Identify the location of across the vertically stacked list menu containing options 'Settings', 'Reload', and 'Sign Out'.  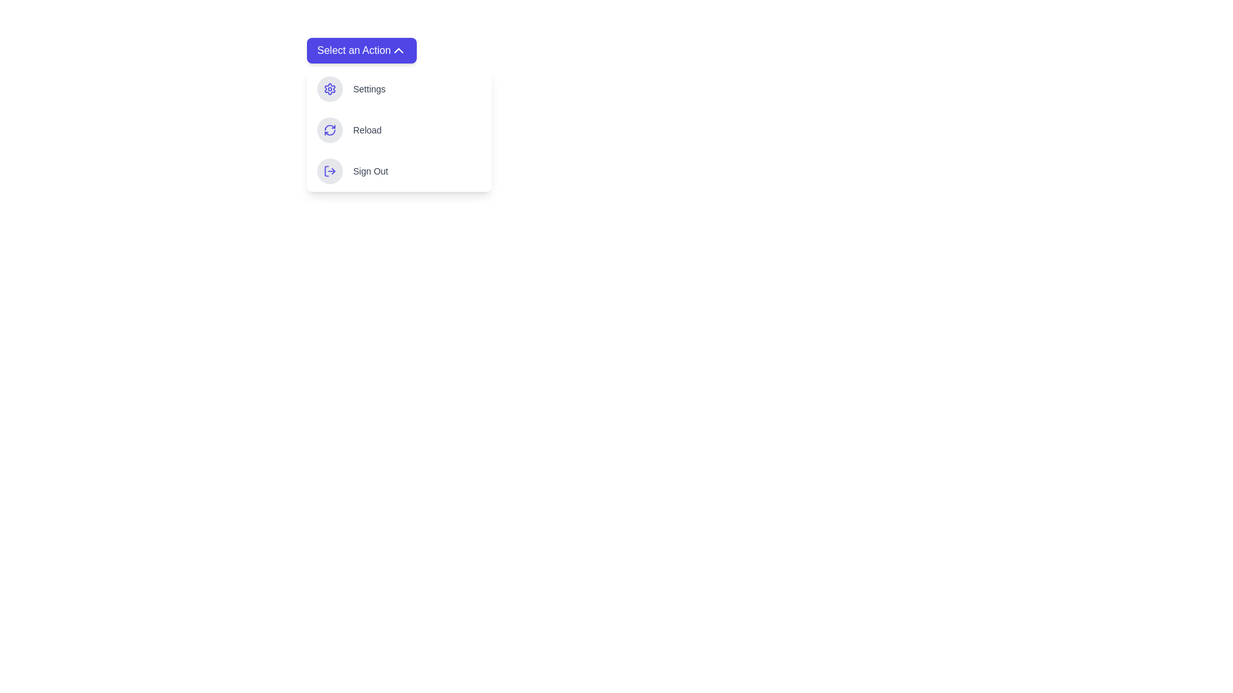
(399, 114).